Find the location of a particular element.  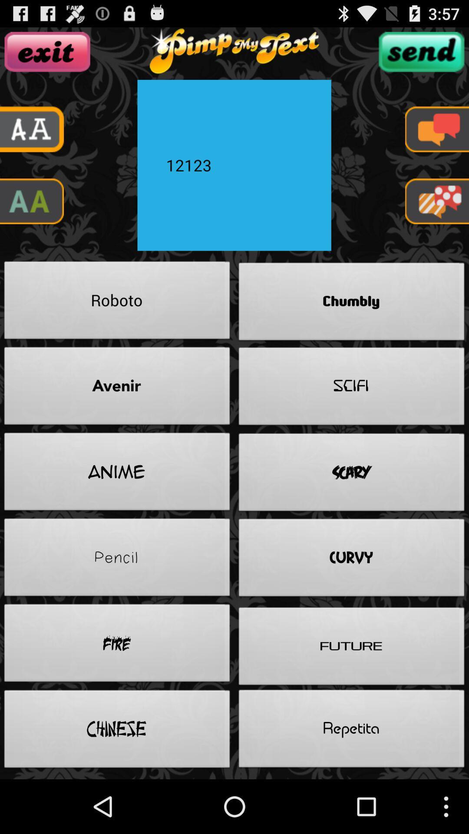

uppercase option is located at coordinates (31, 201).